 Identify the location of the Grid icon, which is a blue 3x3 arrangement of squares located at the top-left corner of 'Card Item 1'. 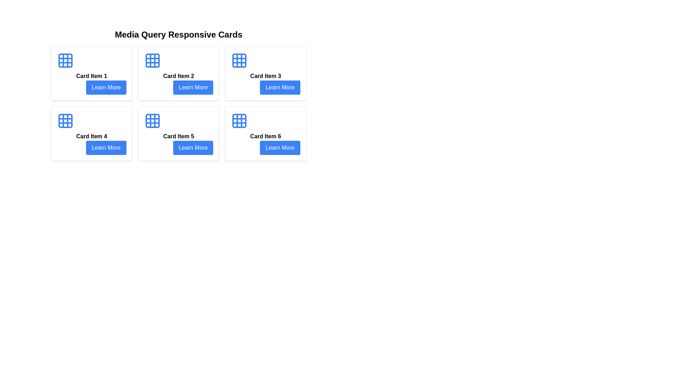
(66, 60).